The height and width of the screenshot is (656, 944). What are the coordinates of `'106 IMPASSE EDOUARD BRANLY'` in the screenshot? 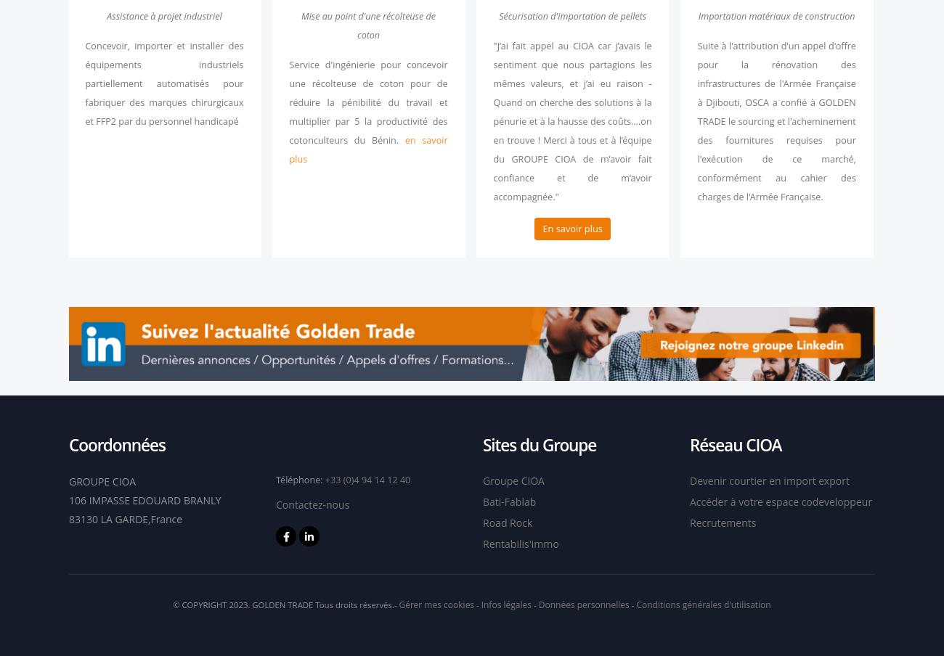 It's located at (145, 499).